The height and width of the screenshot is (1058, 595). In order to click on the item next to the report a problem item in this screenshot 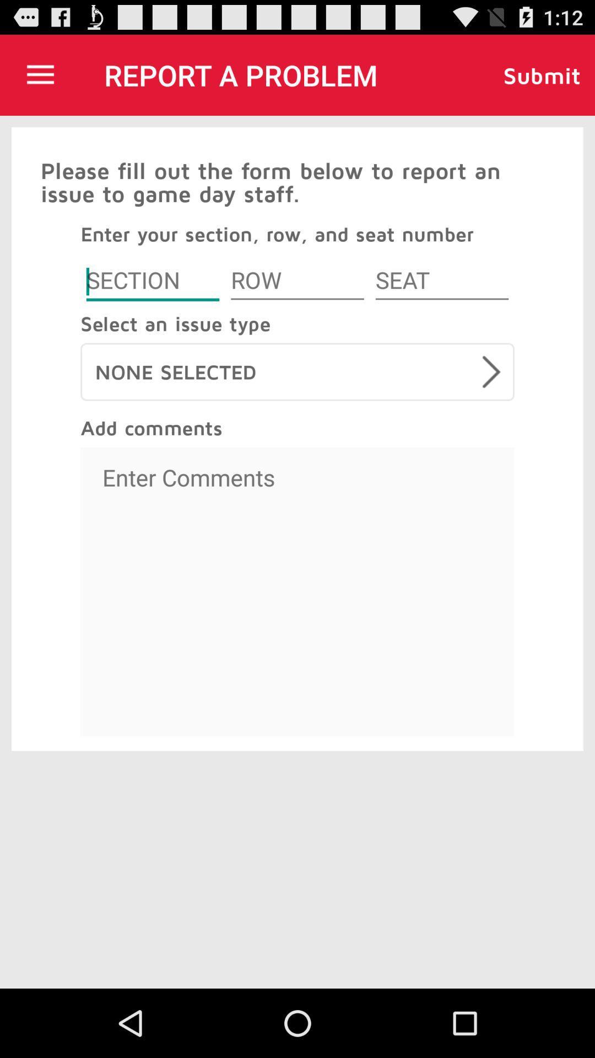, I will do `click(40, 74)`.